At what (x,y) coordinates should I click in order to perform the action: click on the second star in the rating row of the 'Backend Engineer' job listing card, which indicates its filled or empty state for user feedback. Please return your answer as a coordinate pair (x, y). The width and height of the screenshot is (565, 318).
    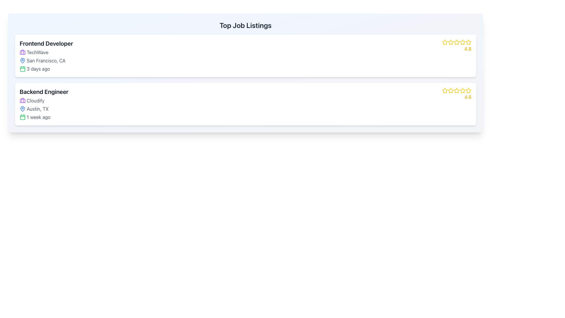
    Looking at the image, I should click on (462, 90).